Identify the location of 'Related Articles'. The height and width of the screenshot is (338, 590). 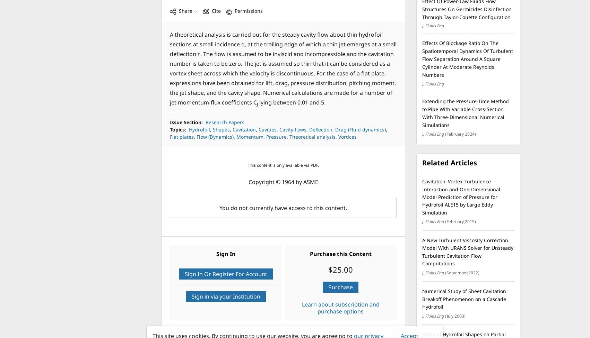
(449, 163).